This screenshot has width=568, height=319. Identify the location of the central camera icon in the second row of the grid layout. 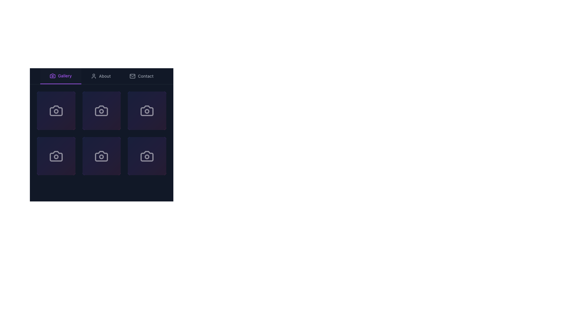
(101, 156).